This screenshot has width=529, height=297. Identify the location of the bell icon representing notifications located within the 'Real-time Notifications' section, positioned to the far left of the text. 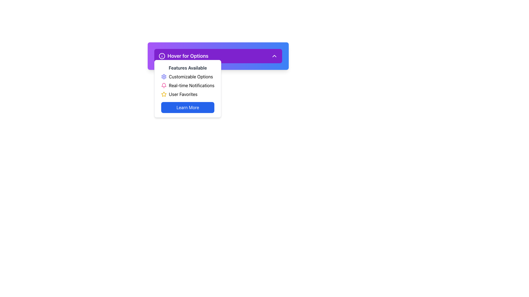
(164, 86).